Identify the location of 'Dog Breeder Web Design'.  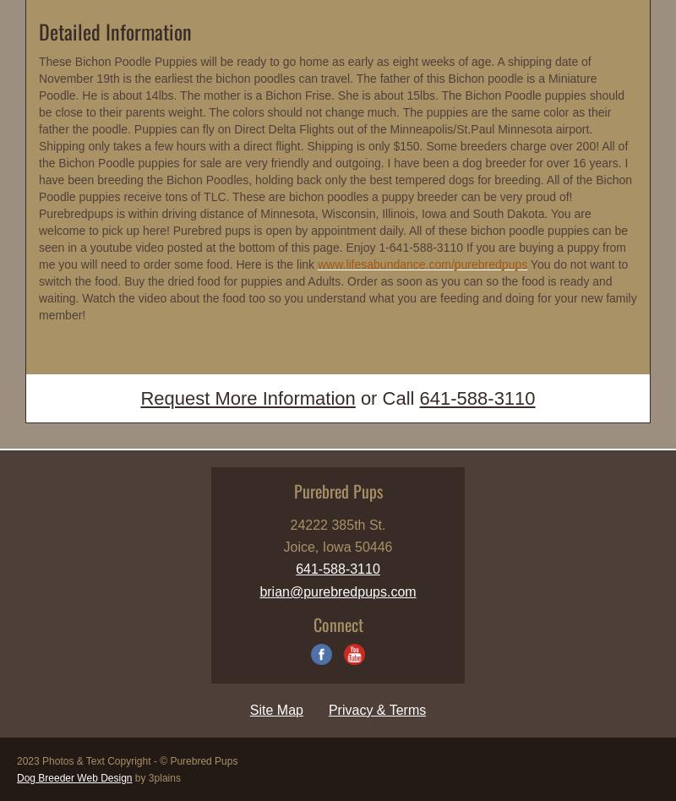
(74, 776).